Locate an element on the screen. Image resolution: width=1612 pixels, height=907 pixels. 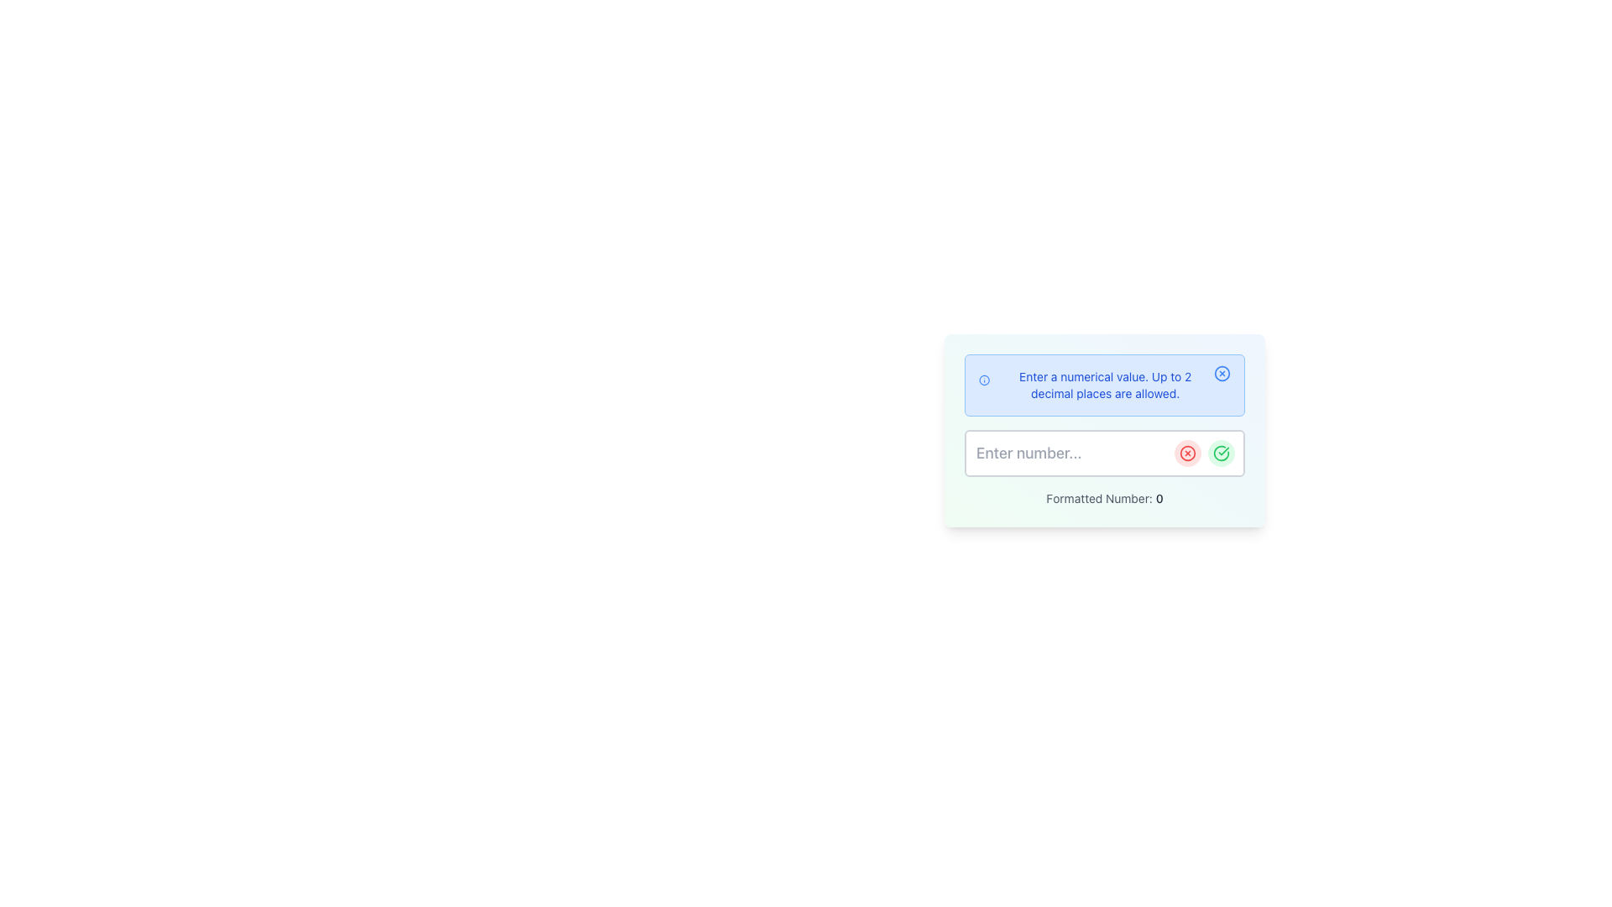
the informational icon located in the upper left corner of the alert box, which precedes the text 'Enter a numerical value. Up to 2 decimal places are allowed.' is located at coordinates (984, 380).